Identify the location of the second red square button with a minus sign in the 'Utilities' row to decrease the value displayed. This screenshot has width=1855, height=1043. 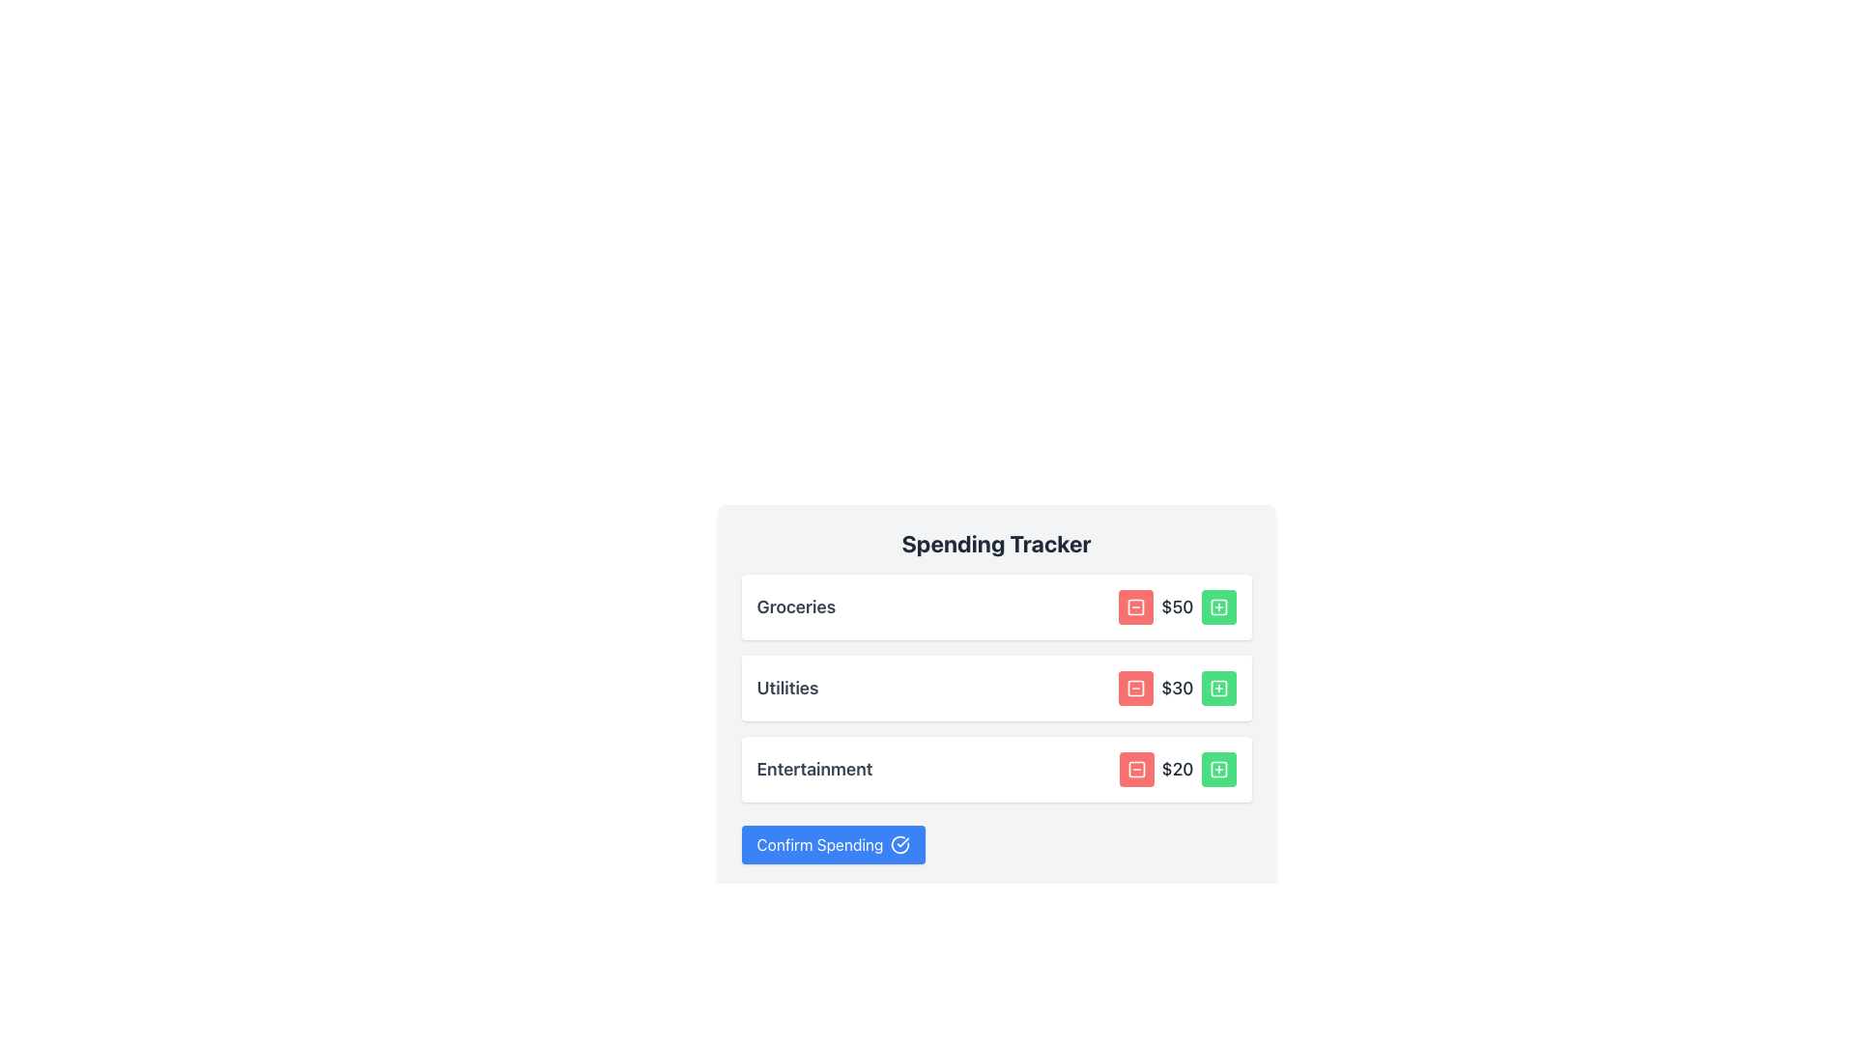
(1136, 688).